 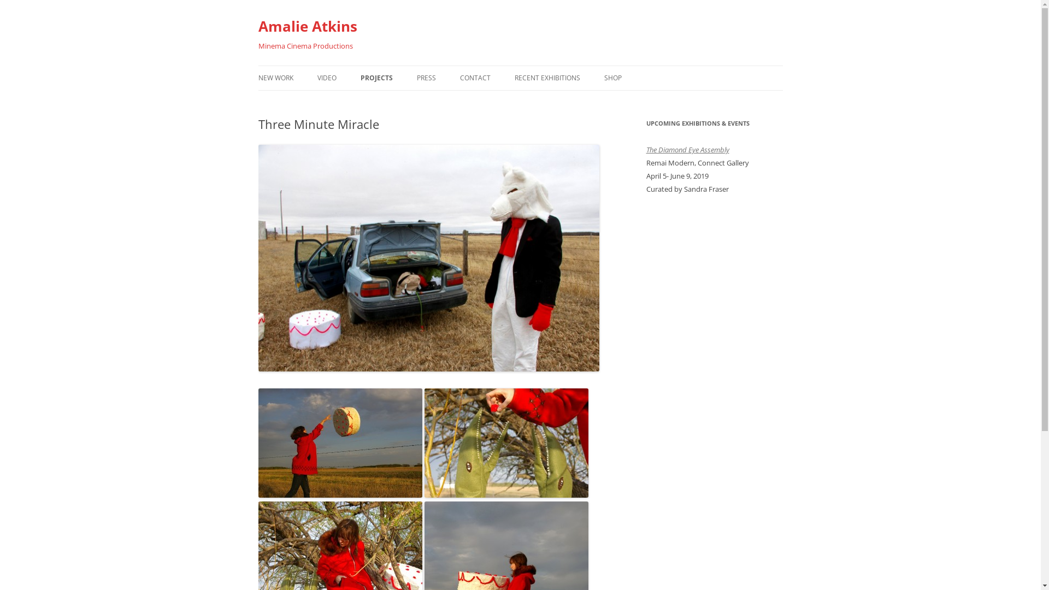 I want to click on 'PROJECTS', so click(x=376, y=77).